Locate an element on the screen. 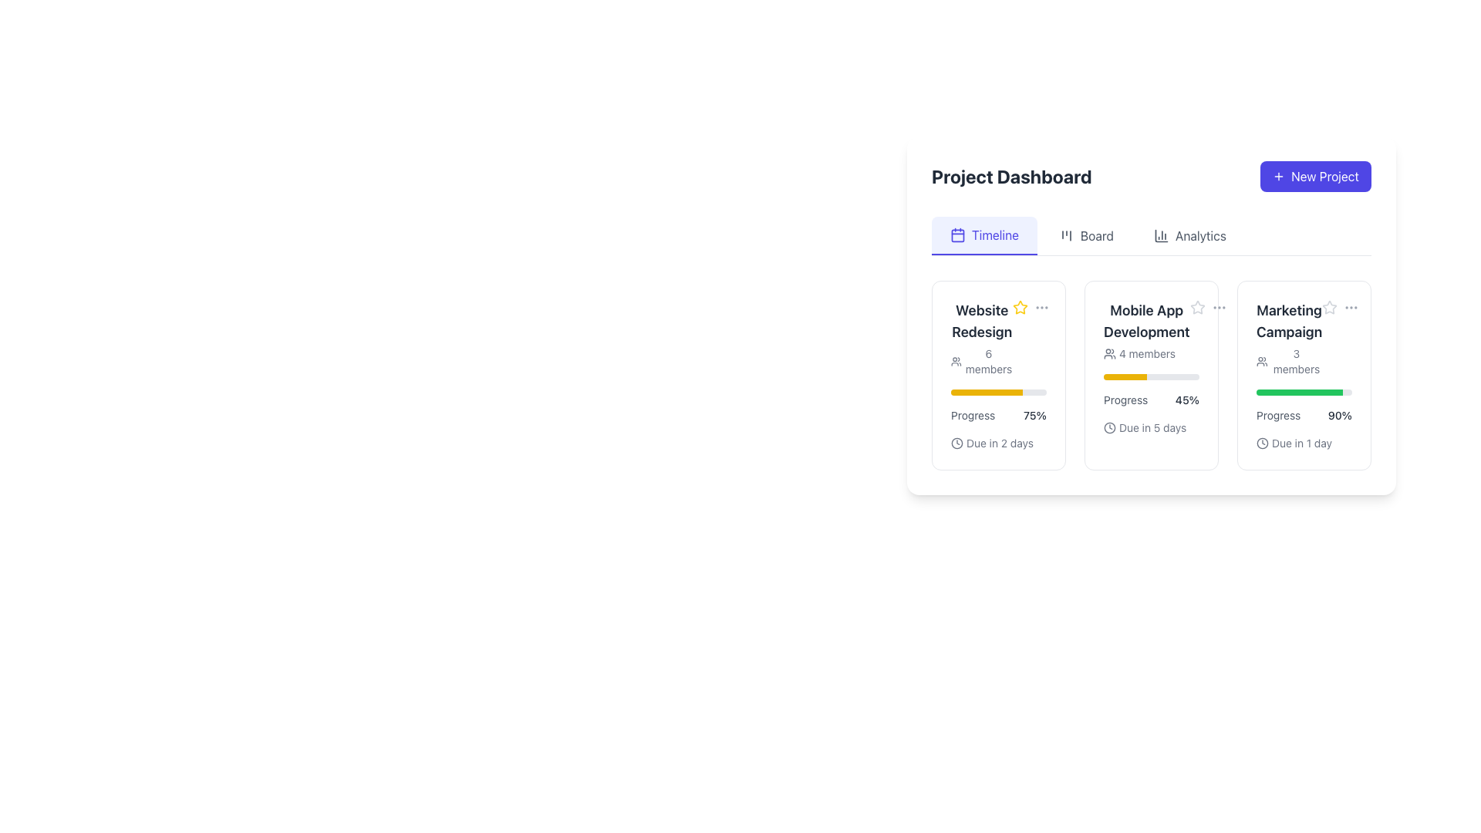  the third Display Card in the rightmost column is located at coordinates (1303, 375).